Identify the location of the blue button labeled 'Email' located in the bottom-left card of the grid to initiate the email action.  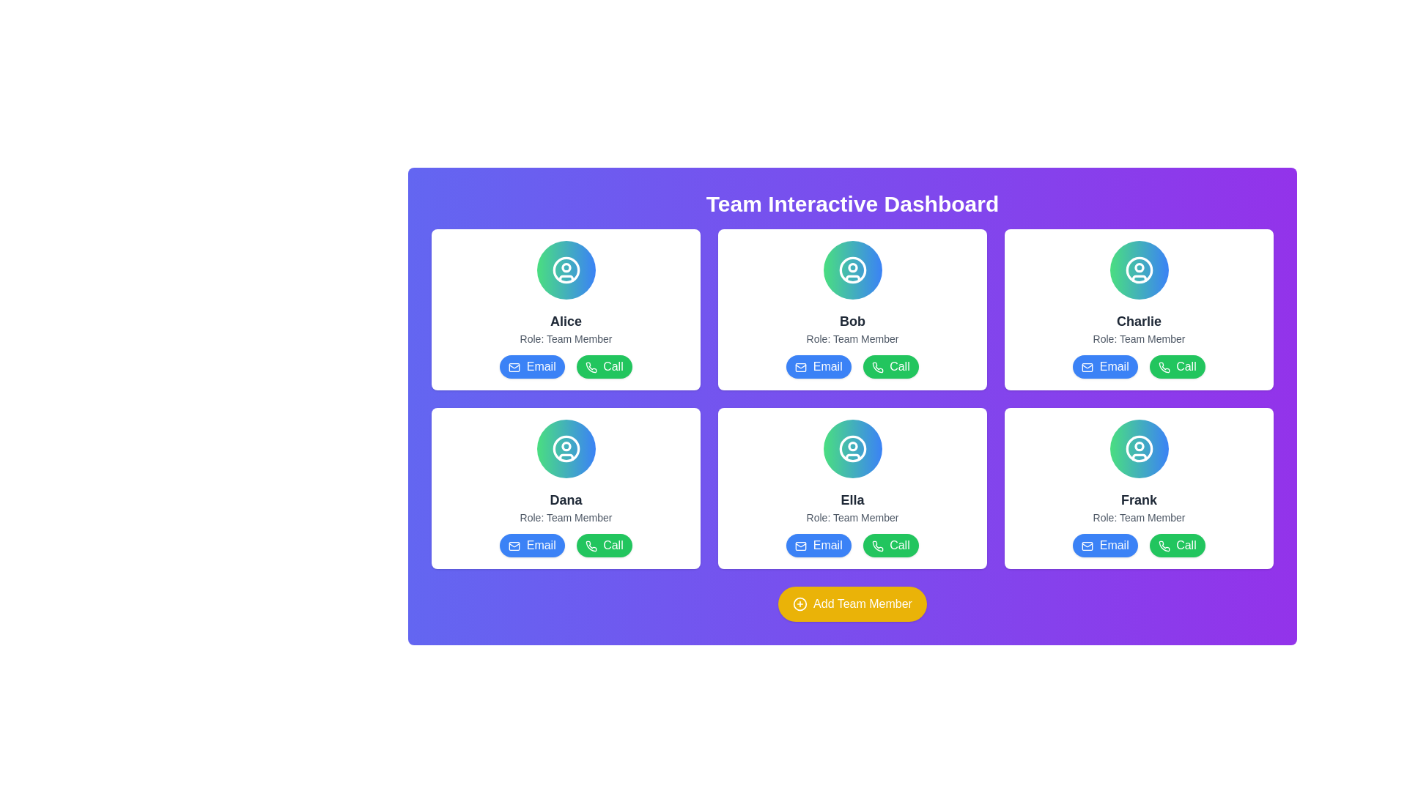
(514, 546).